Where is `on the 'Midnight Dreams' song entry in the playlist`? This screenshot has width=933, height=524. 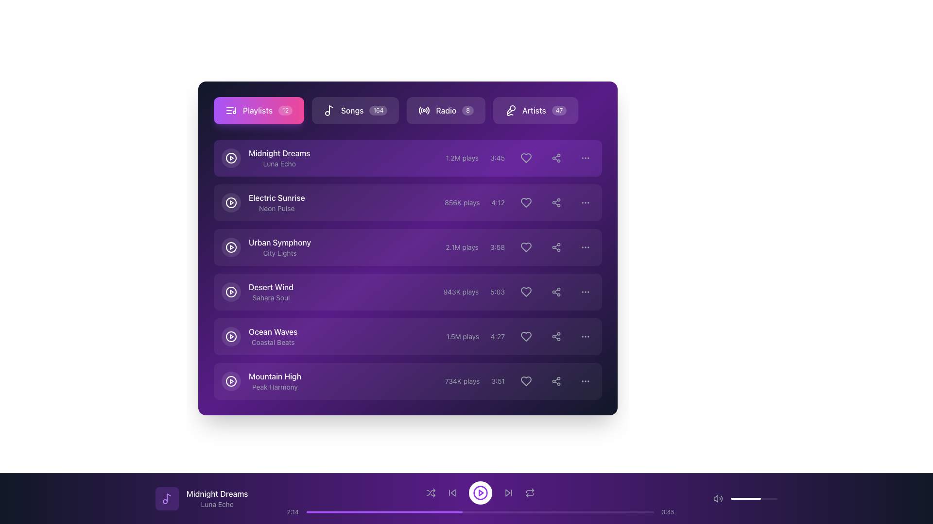
on the 'Midnight Dreams' song entry in the playlist is located at coordinates (266, 158).